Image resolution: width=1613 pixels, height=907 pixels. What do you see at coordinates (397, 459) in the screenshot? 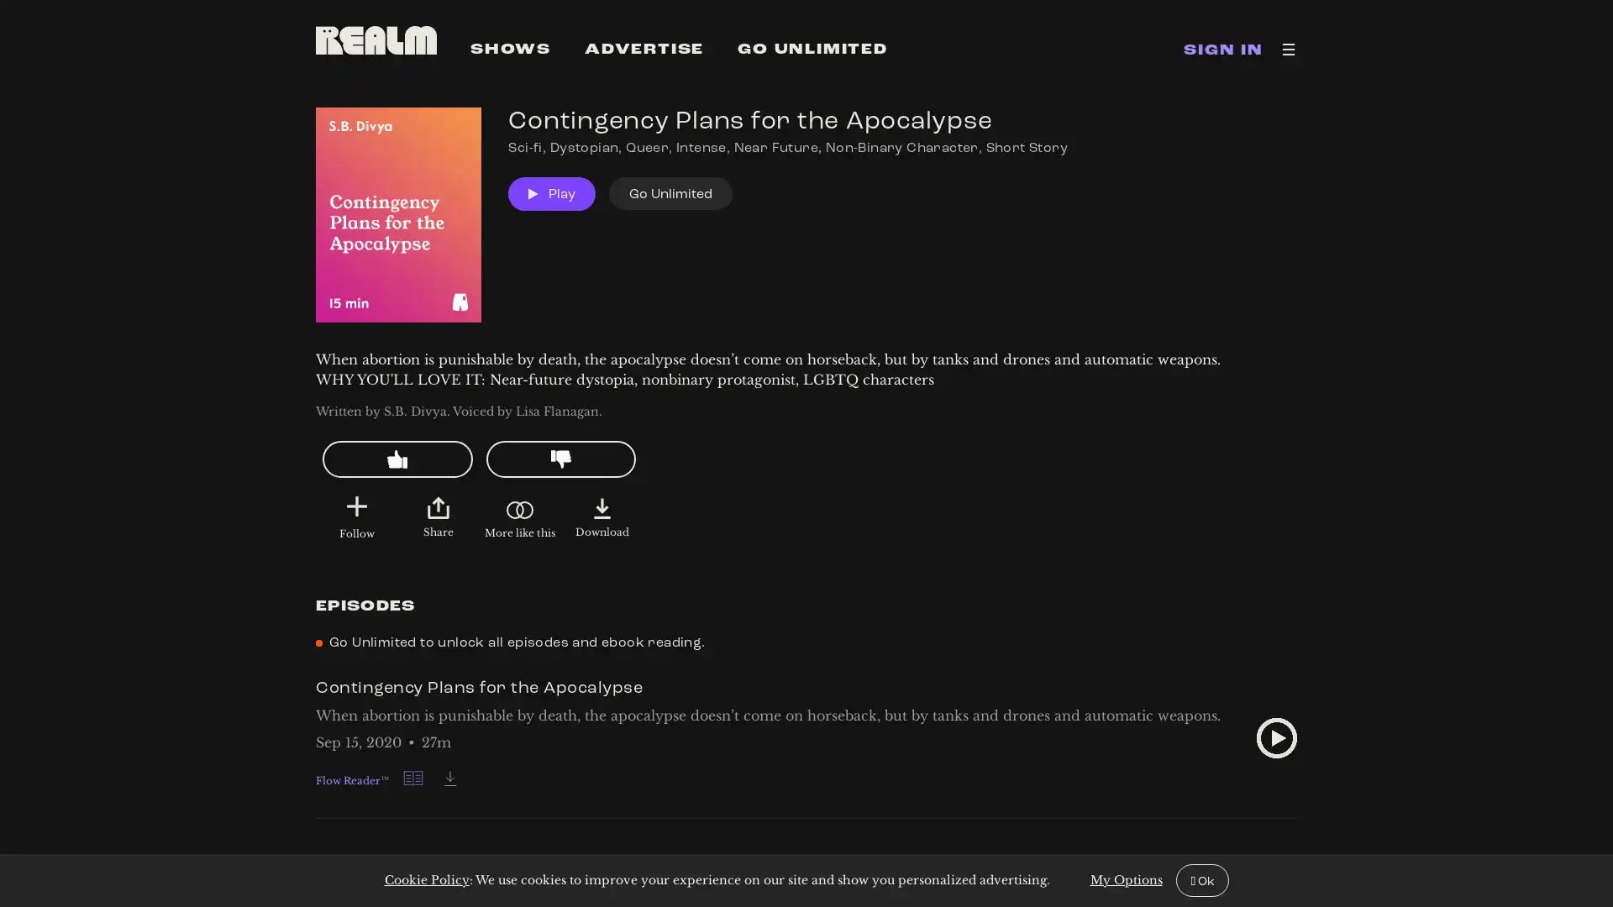
I see `like` at bounding box center [397, 459].